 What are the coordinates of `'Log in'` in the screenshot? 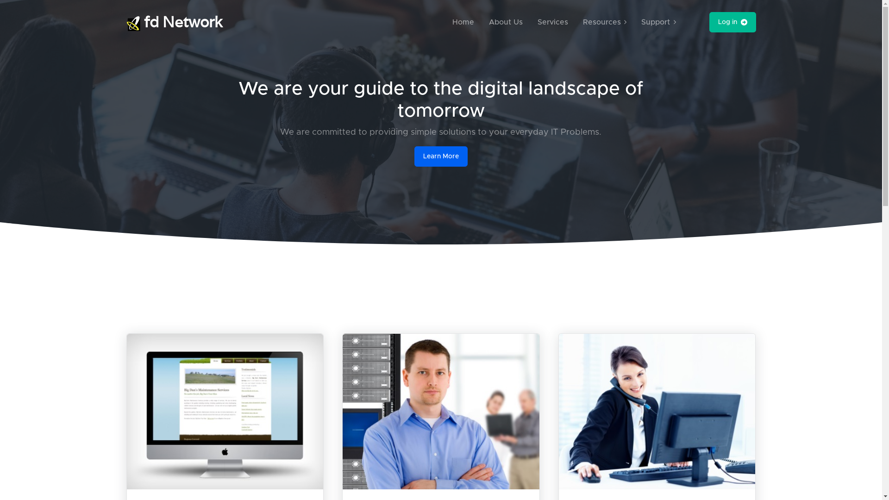 It's located at (708, 21).